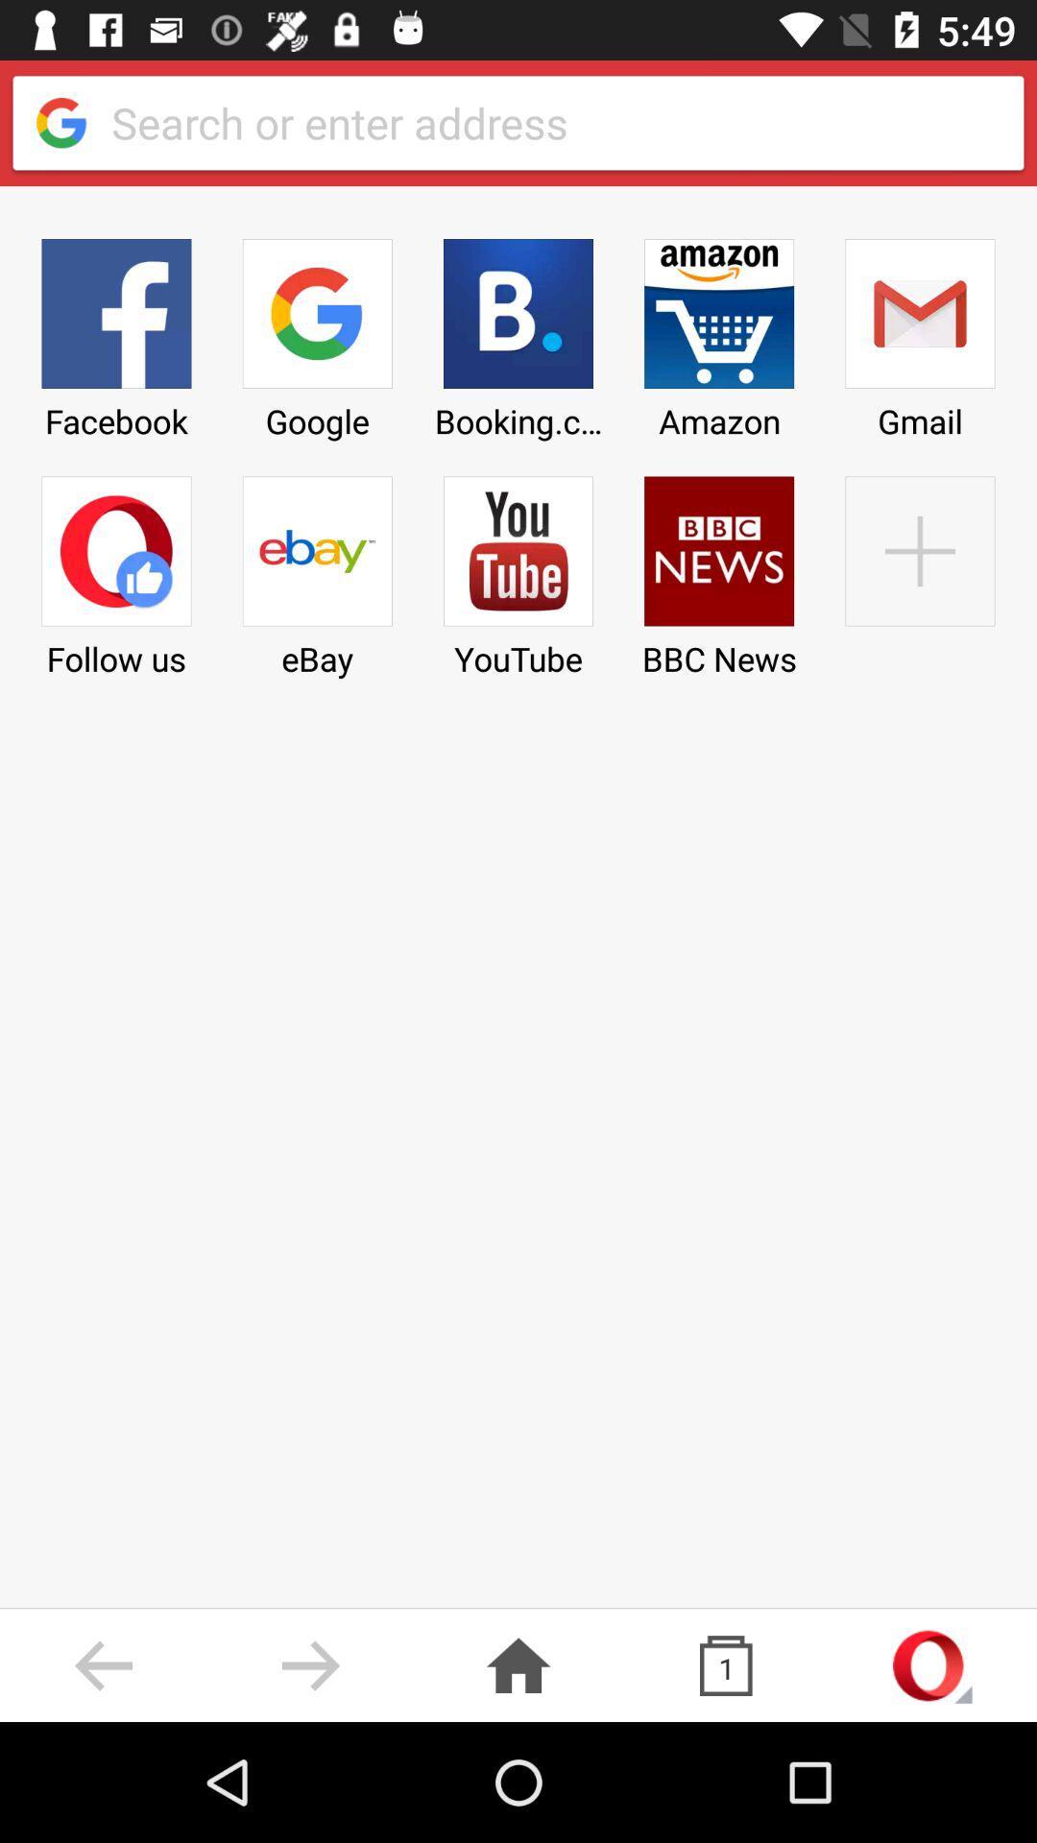 The width and height of the screenshot is (1037, 1843). What do you see at coordinates (719, 569) in the screenshot?
I see `bbc news item` at bounding box center [719, 569].